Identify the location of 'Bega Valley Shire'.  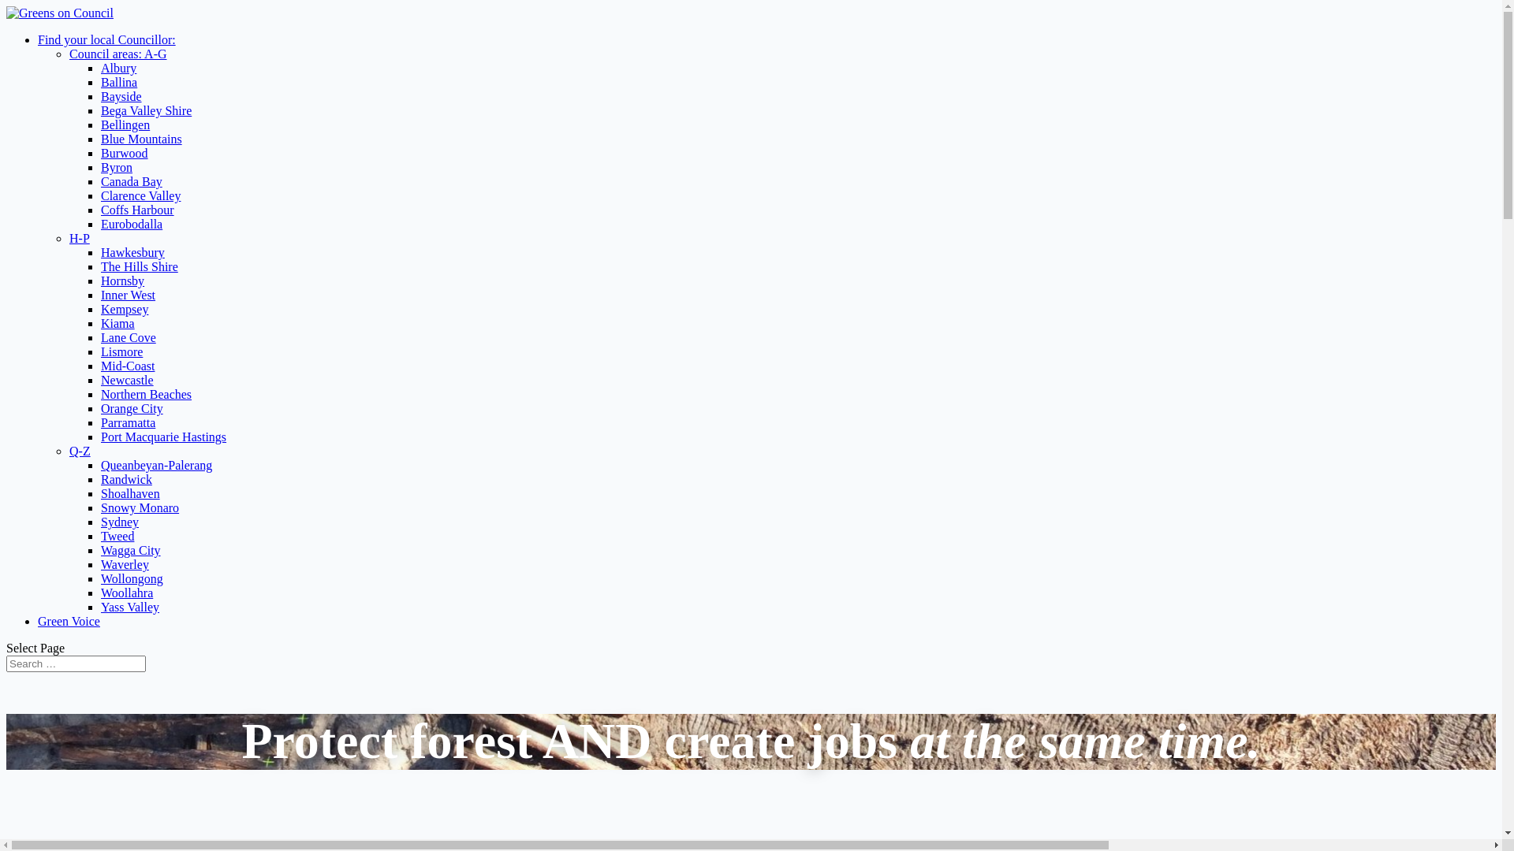
(146, 110).